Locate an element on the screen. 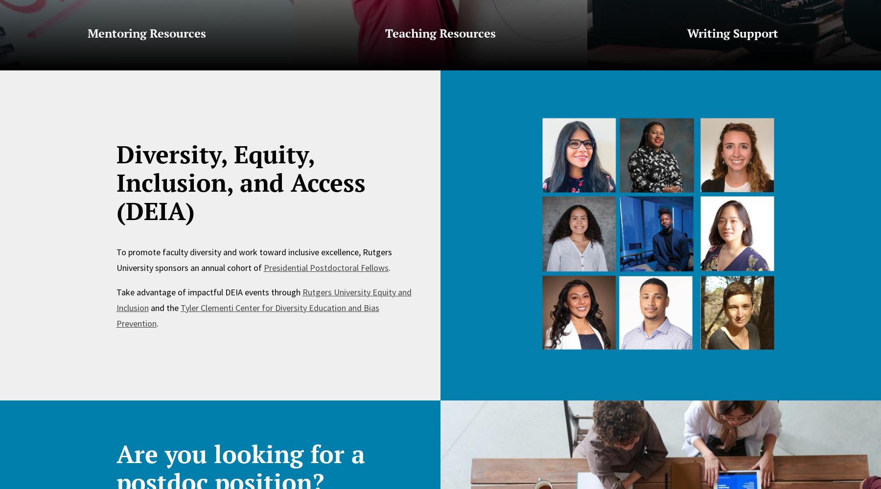 This screenshot has height=489, width=881. 'Mentoring Resources' is located at coordinates (87, 33).